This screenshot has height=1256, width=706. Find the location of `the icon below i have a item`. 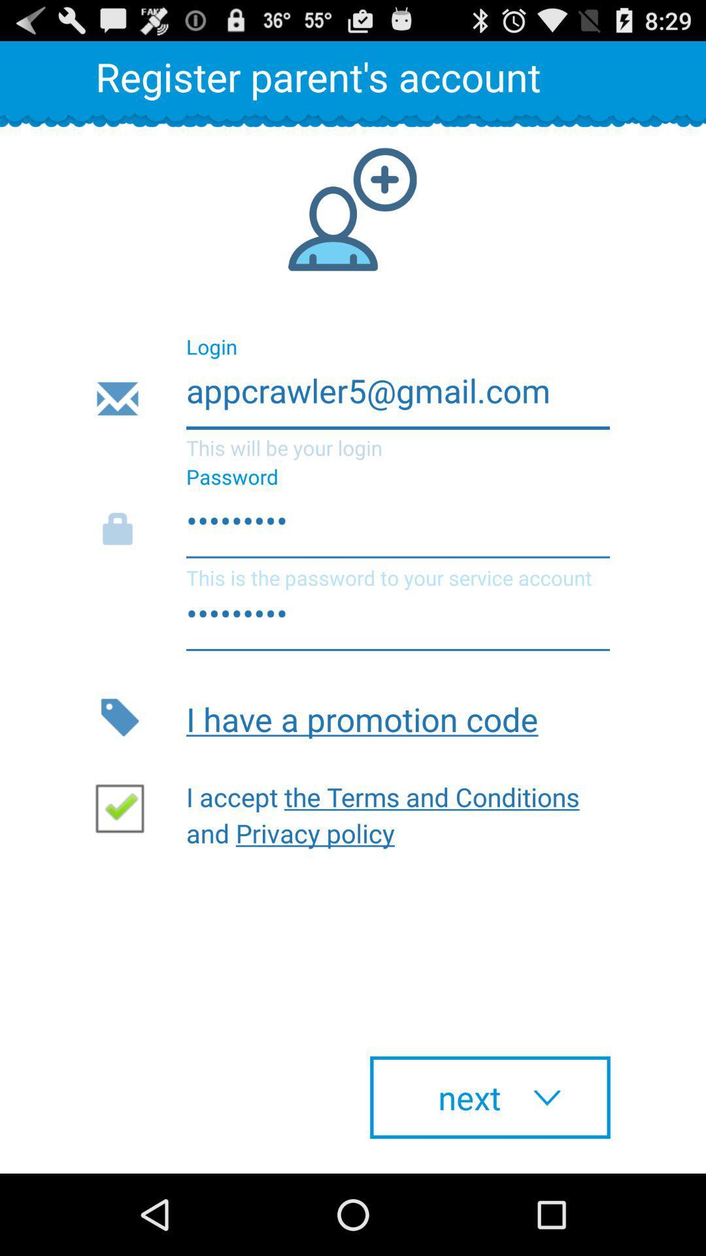

the icon below i have a item is located at coordinates (388, 811).